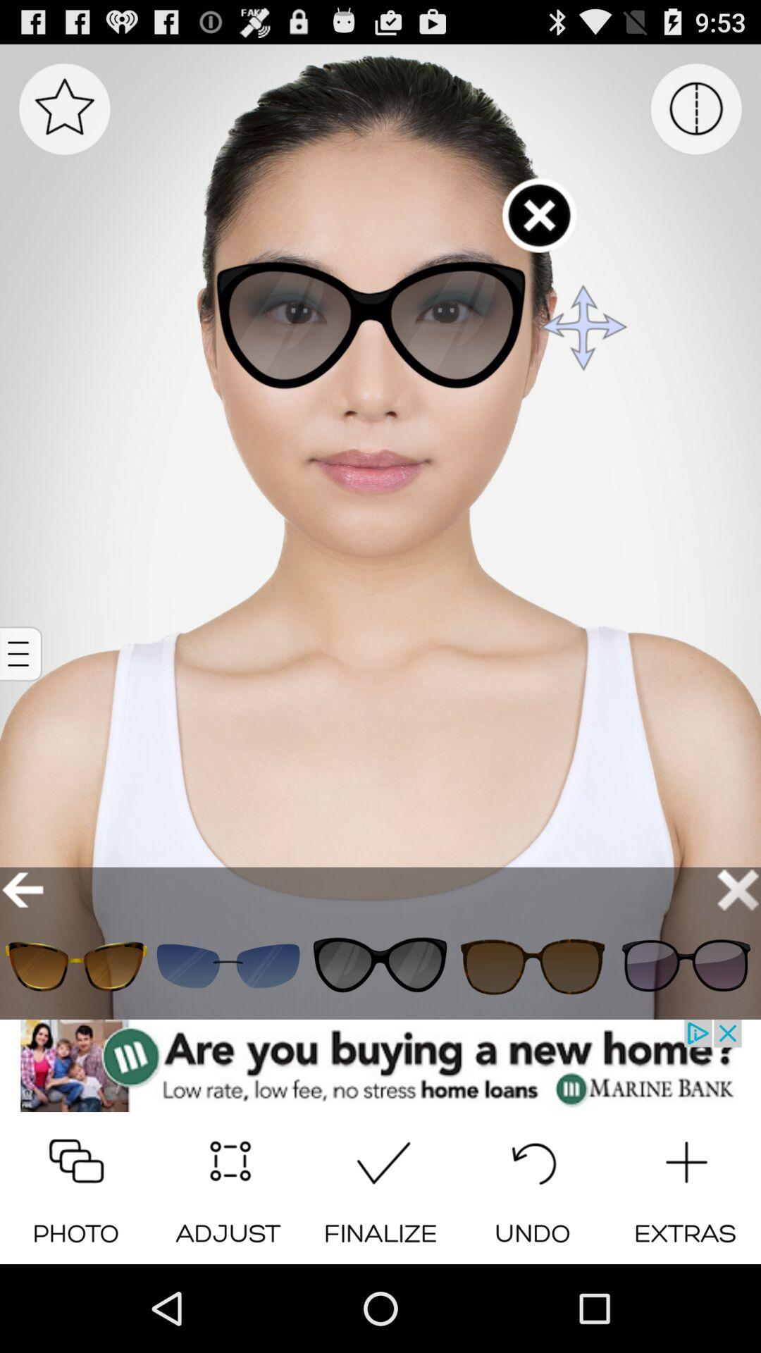 This screenshot has width=761, height=1353. What do you see at coordinates (23, 952) in the screenshot?
I see `the arrow_backward icon` at bounding box center [23, 952].